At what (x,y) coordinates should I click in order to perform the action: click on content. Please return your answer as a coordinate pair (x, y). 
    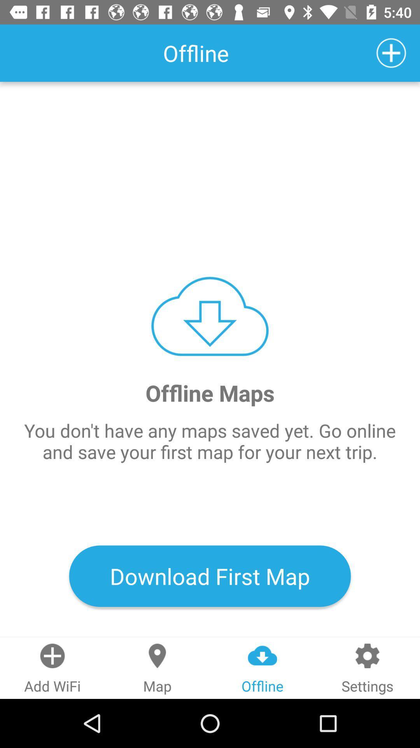
    Looking at the image, I should click on (391, 53).